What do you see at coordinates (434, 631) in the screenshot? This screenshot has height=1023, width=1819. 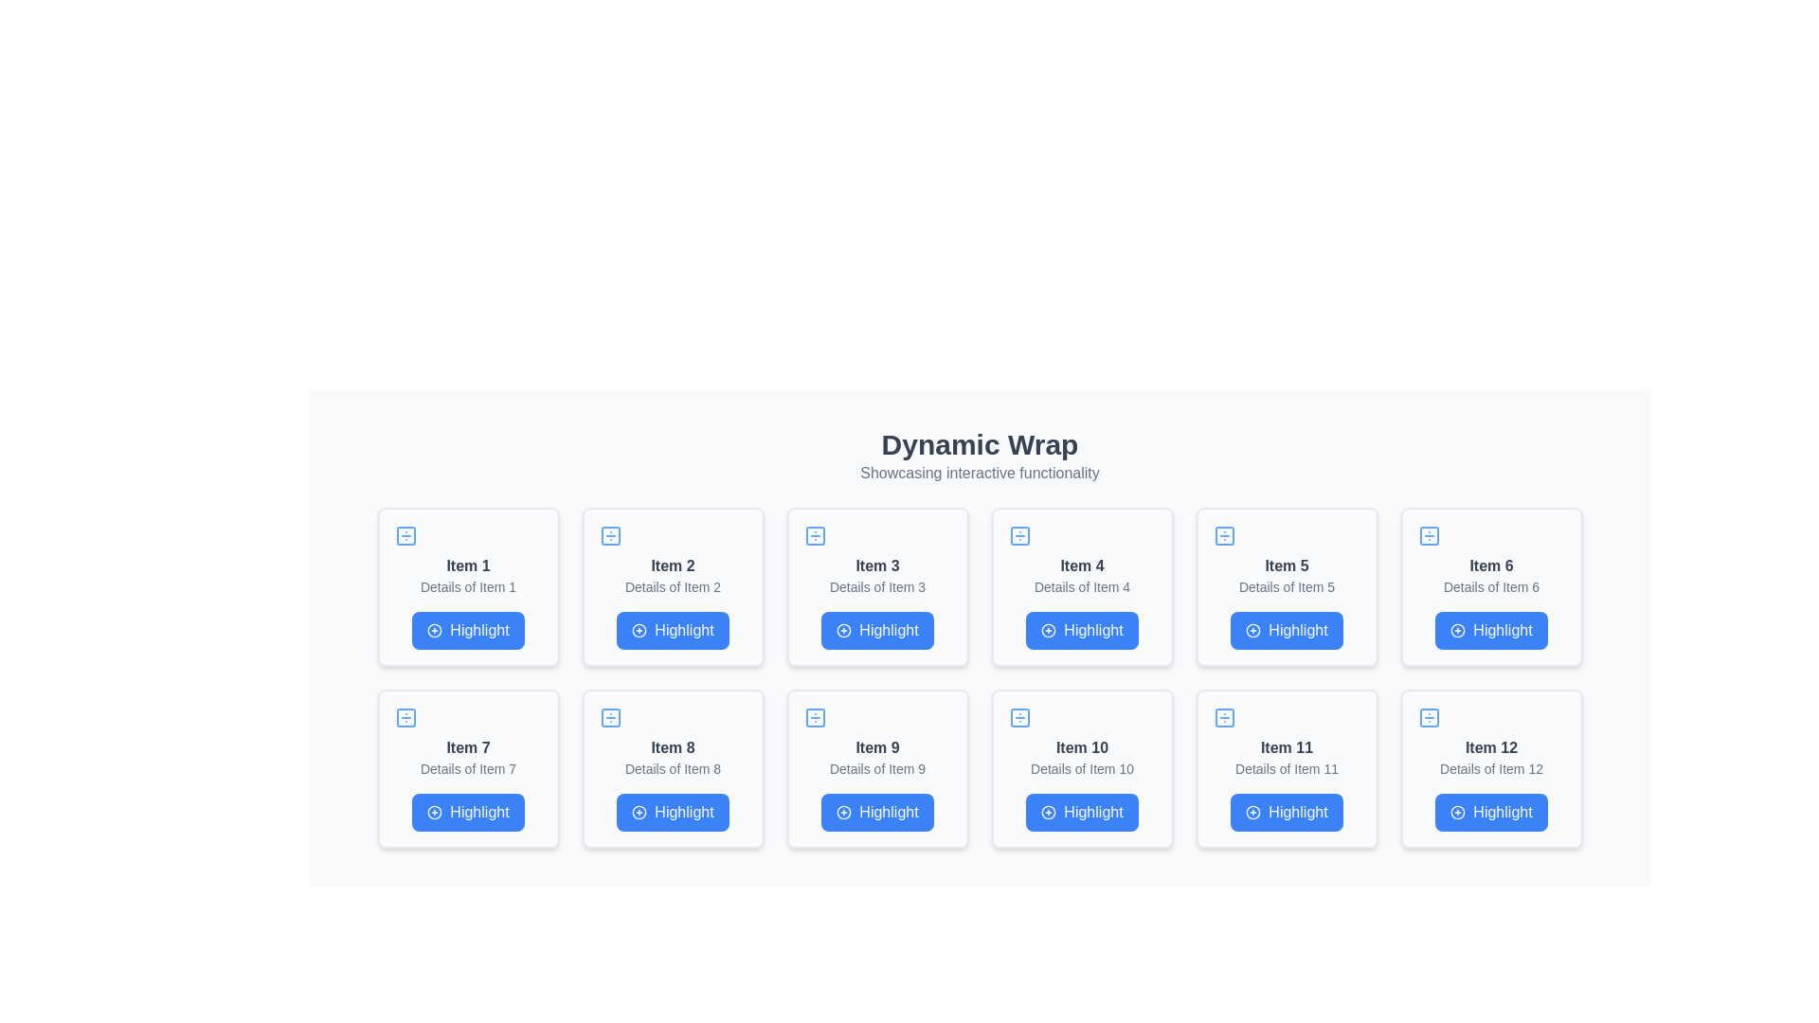 I see `the 'Highlight' icon located within the button in the first row and first column of the grid under 'Item 1' to interact with it` at bounding box center [434, 631].